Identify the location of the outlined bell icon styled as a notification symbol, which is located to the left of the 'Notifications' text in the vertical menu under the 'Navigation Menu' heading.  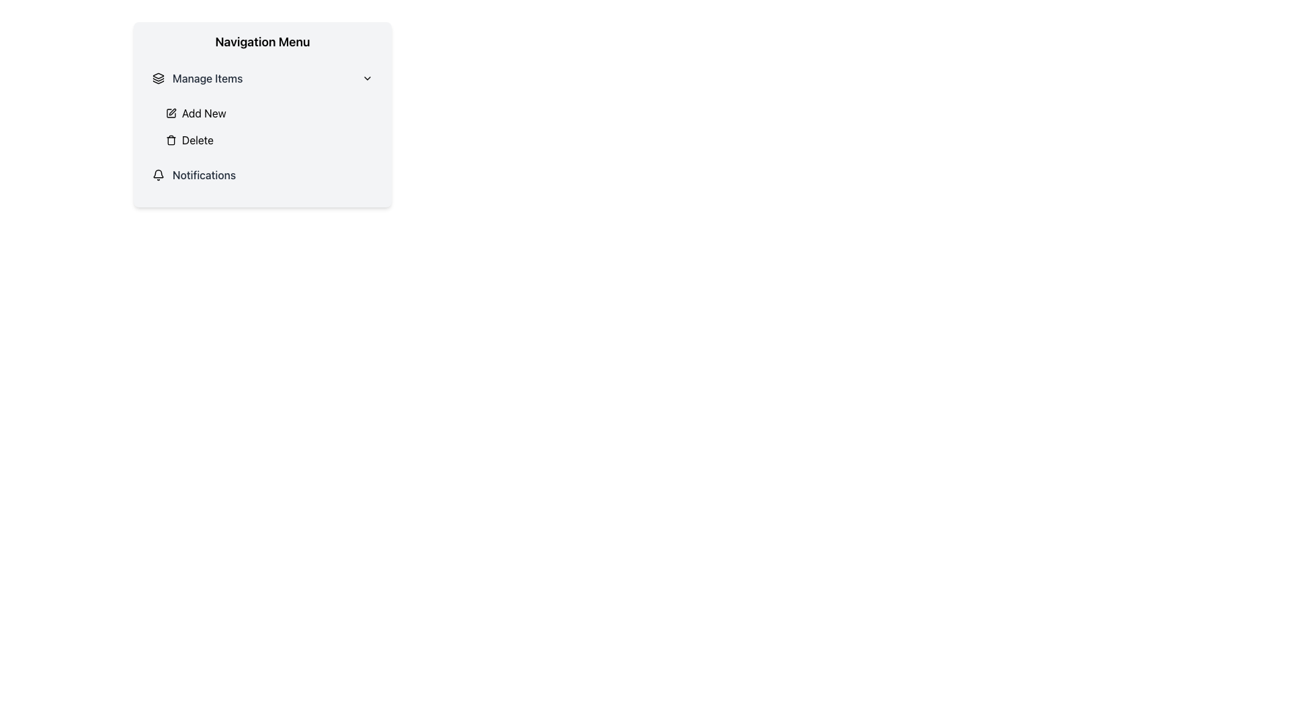
(158, 175).